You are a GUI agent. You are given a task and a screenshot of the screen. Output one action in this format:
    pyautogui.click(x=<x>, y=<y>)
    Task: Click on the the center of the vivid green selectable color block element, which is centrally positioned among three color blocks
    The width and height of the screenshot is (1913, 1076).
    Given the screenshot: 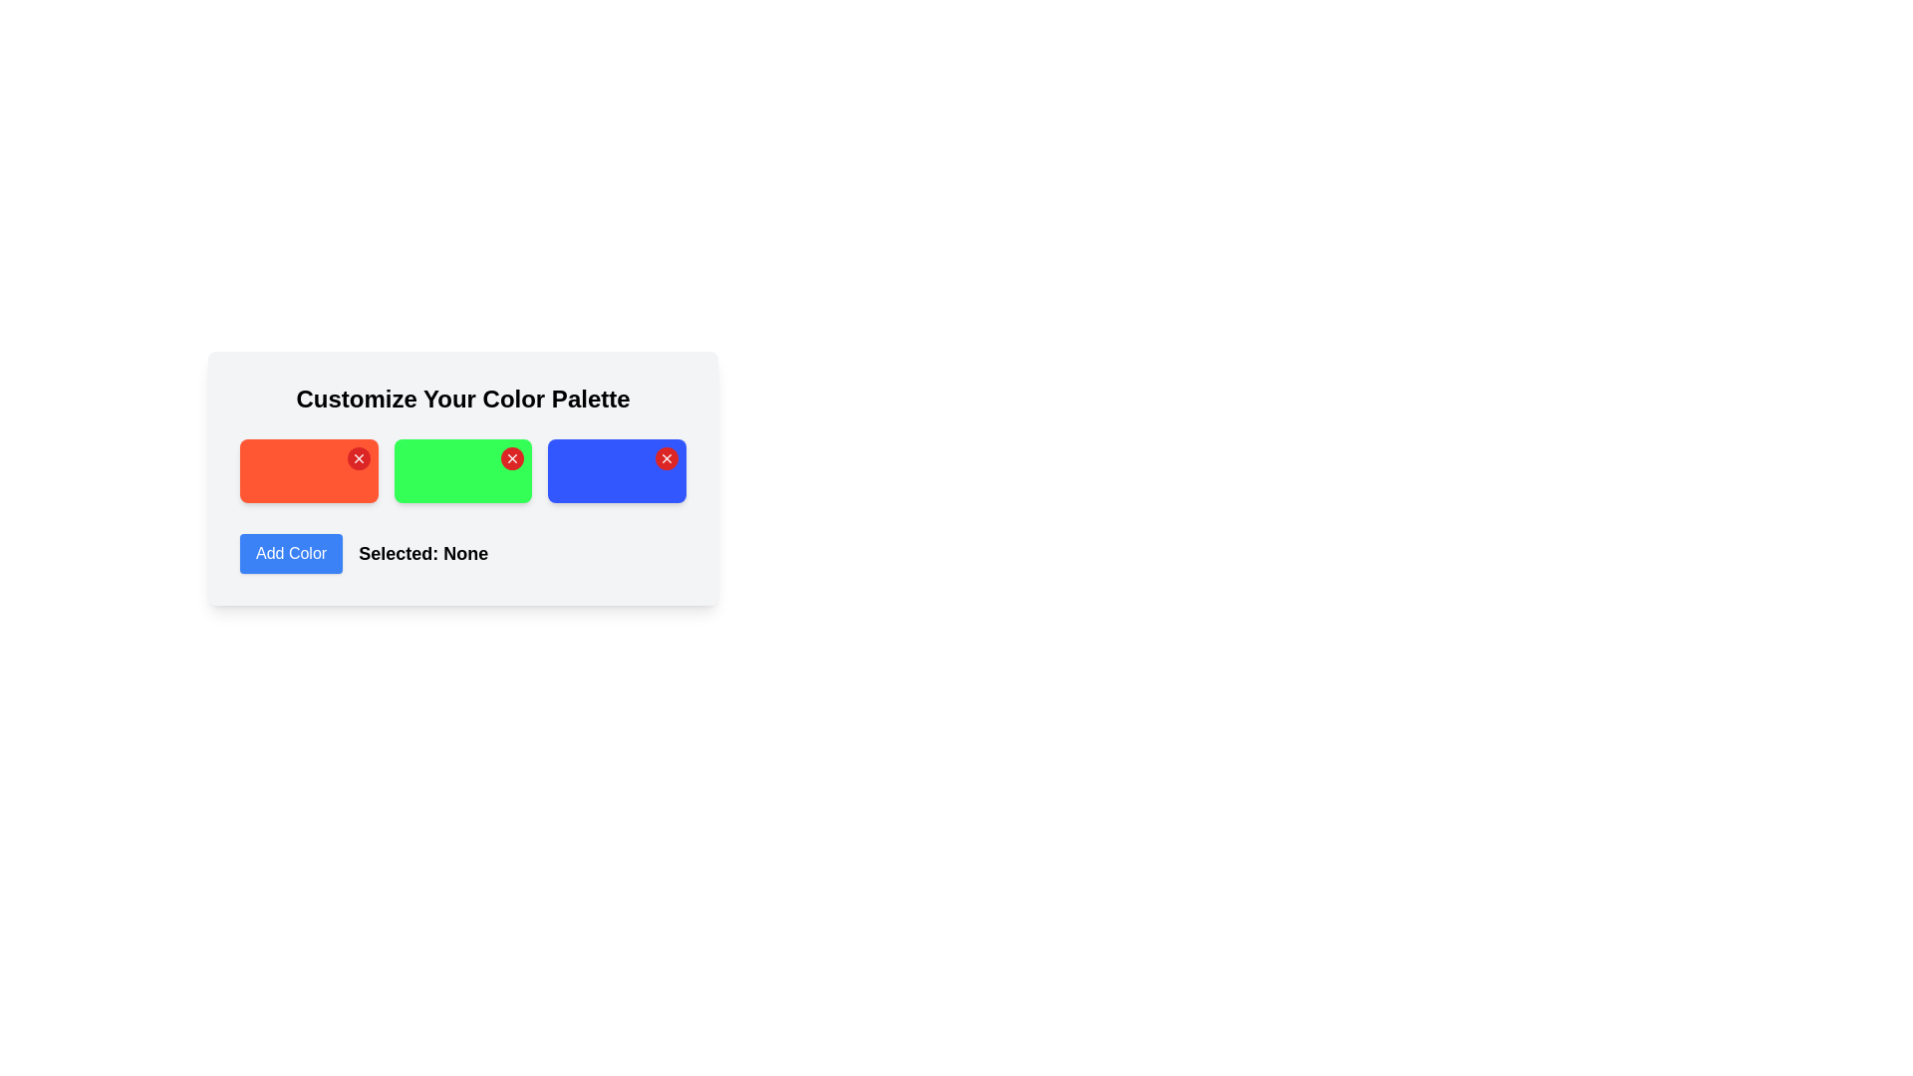 What is the action you would take?
    pyautogui.click(x=462, y=478)
    